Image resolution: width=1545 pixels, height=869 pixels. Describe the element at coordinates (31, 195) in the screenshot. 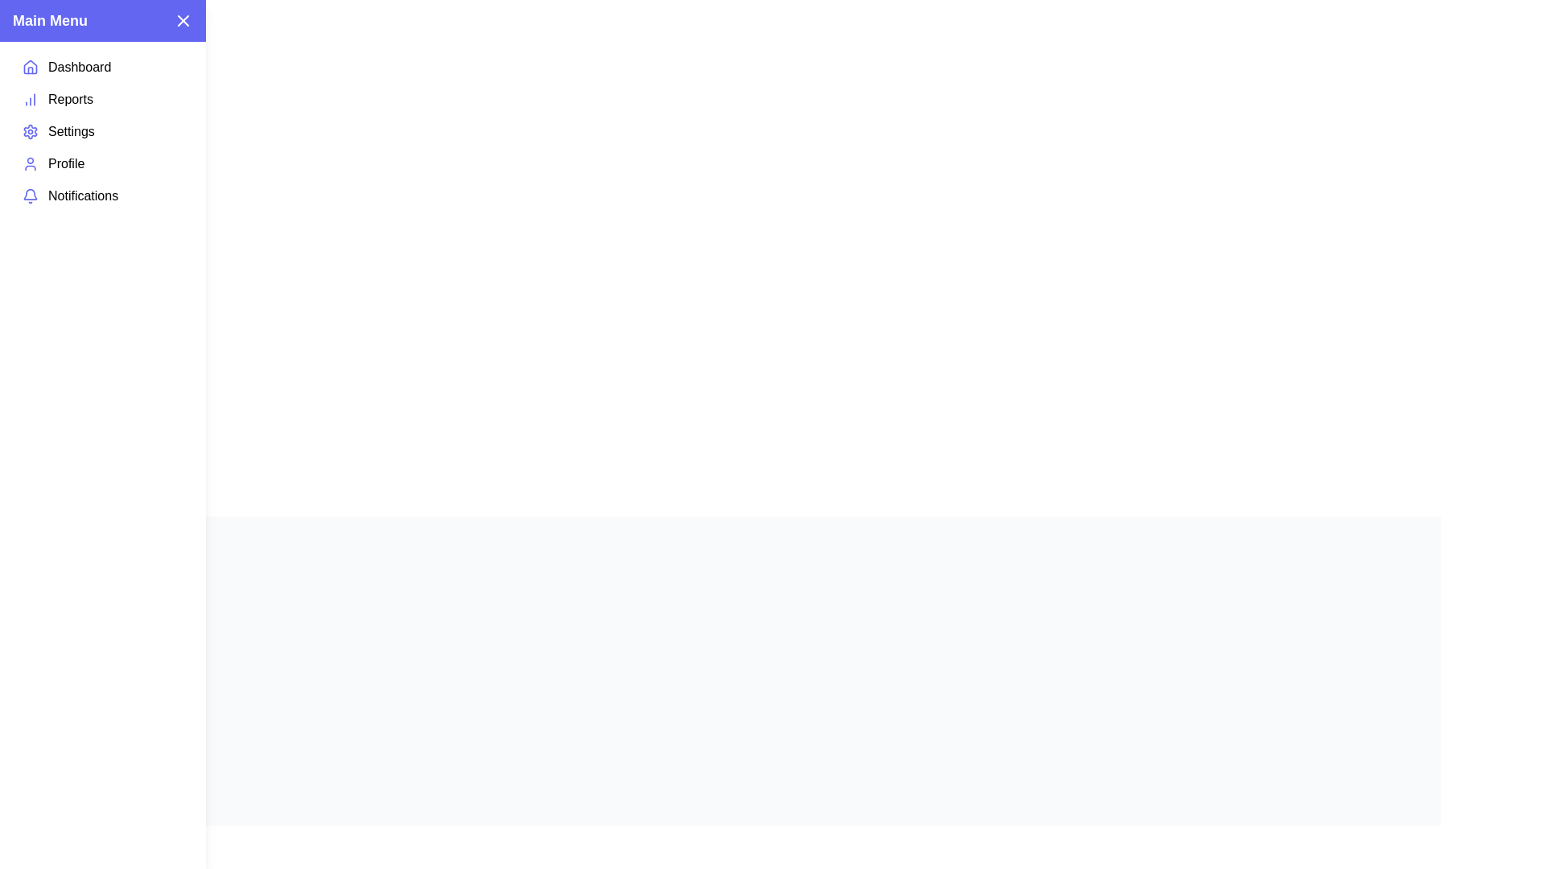

I see `the bell icon, which is styled with a blue-indigo hue and located to the left of the 'Notifications' text in the vertical navigation menu` at that location.